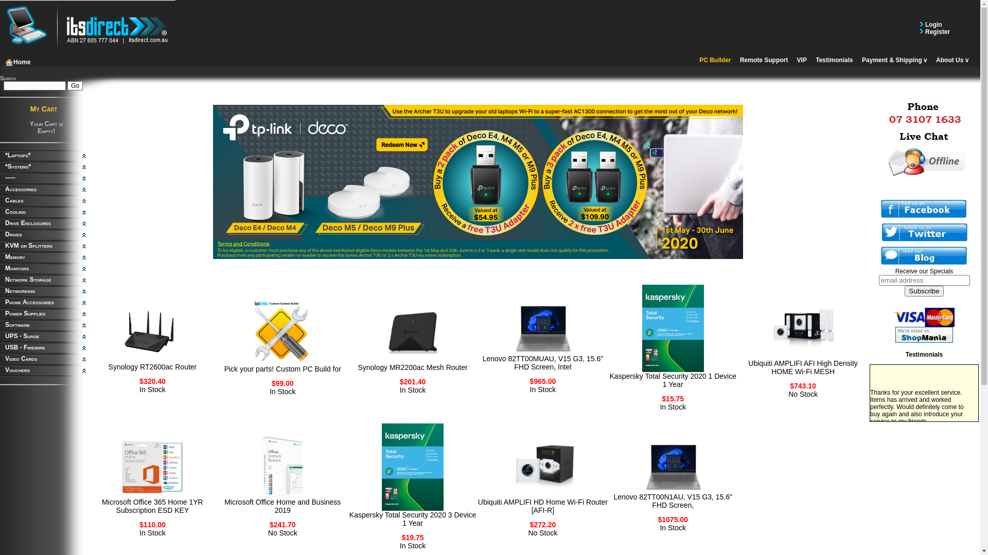 The width and height of the screenshot is (988, 555). What do you see at coordinates (933, 23) in the screenshot?
I see `'Login'` at bounding box center [933, 23].